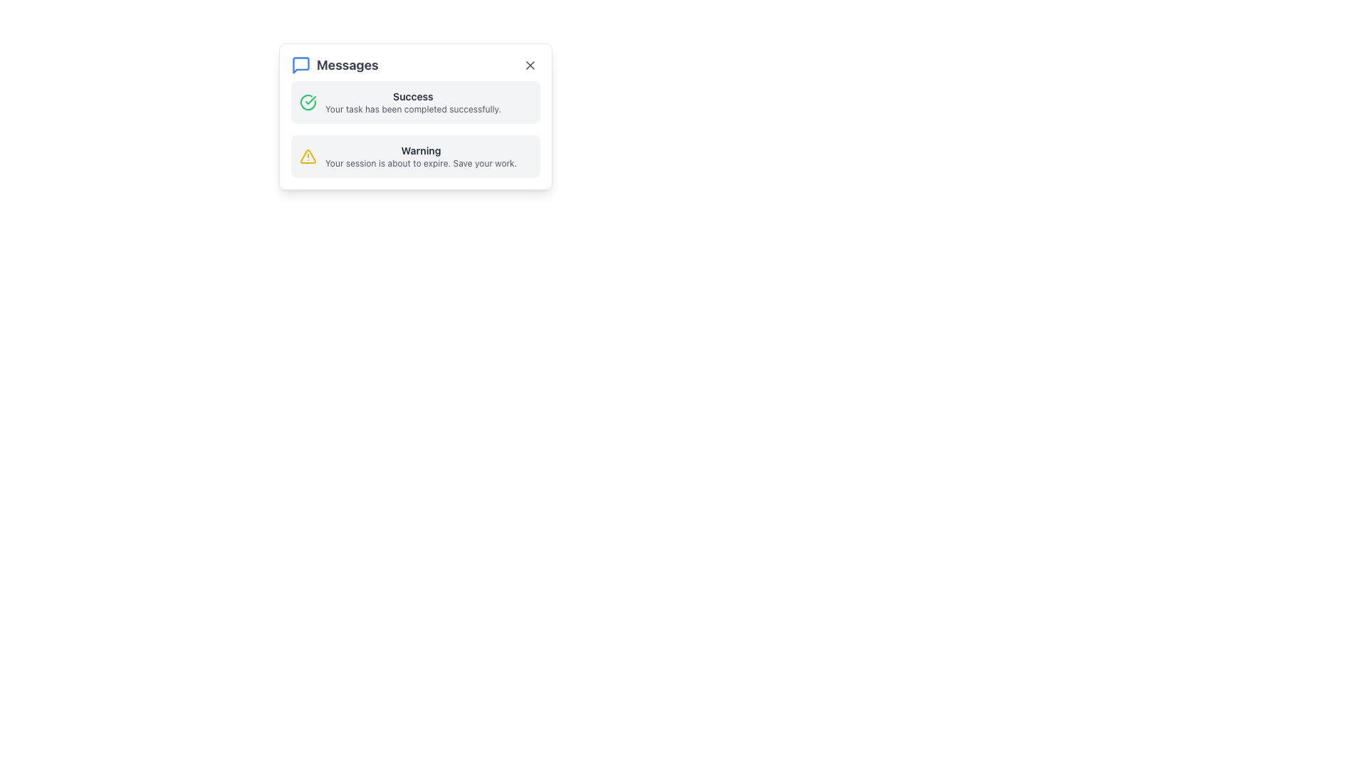 Image resolution: width=1367 pixels, height=769 pixels. What do you see at coordinates (420, 156) in the screenshot?
I see `the warning notification about session expiration, which is the second notification in the message interface, located below the 'Success' message and to the right of a yellow triangle alert icon` at bounding box center [420, 156].